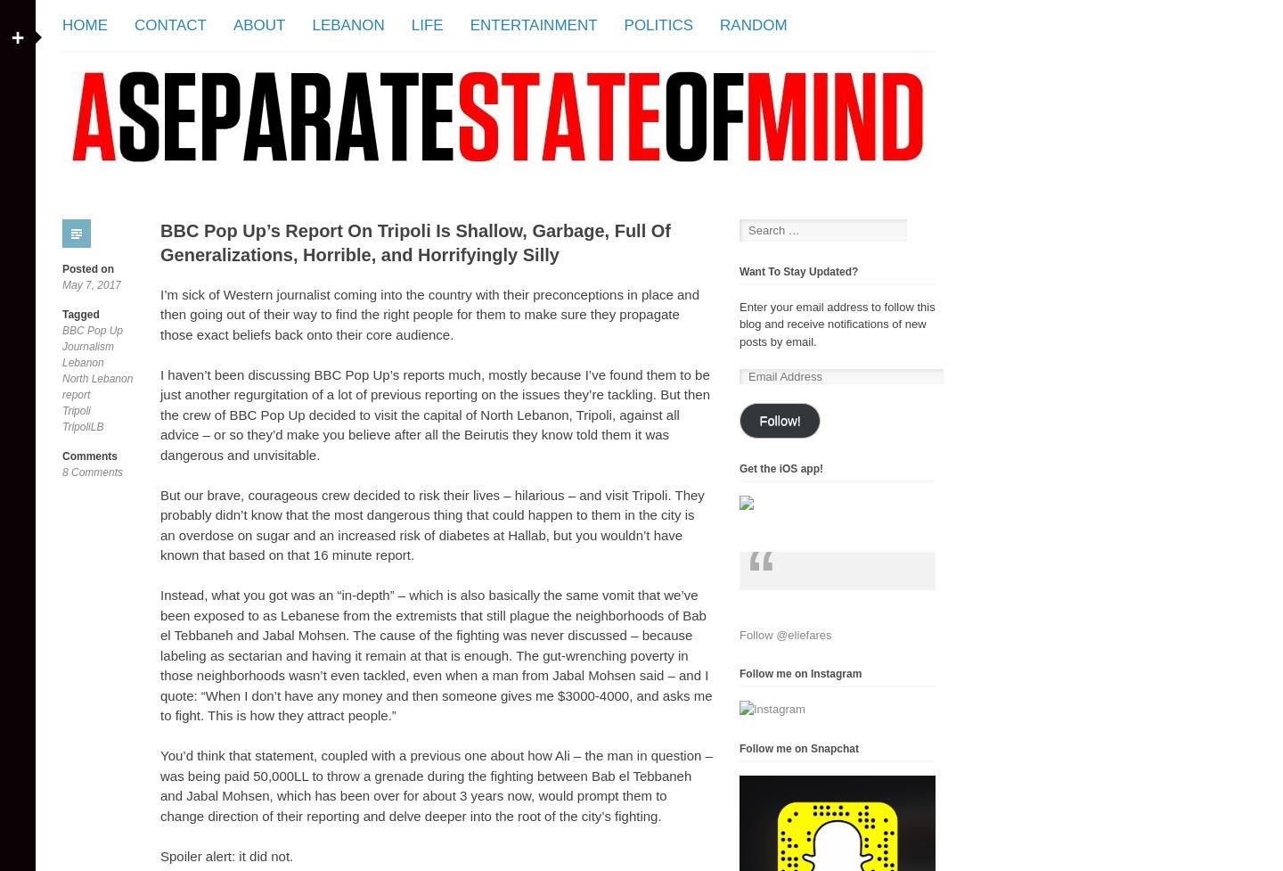 Image resolution: width=1283 pixels, height=871 pixels. Describe the element at coordinates (797, 270) in the screenshot. I see `'Want To Stay Updated?'` at that location.